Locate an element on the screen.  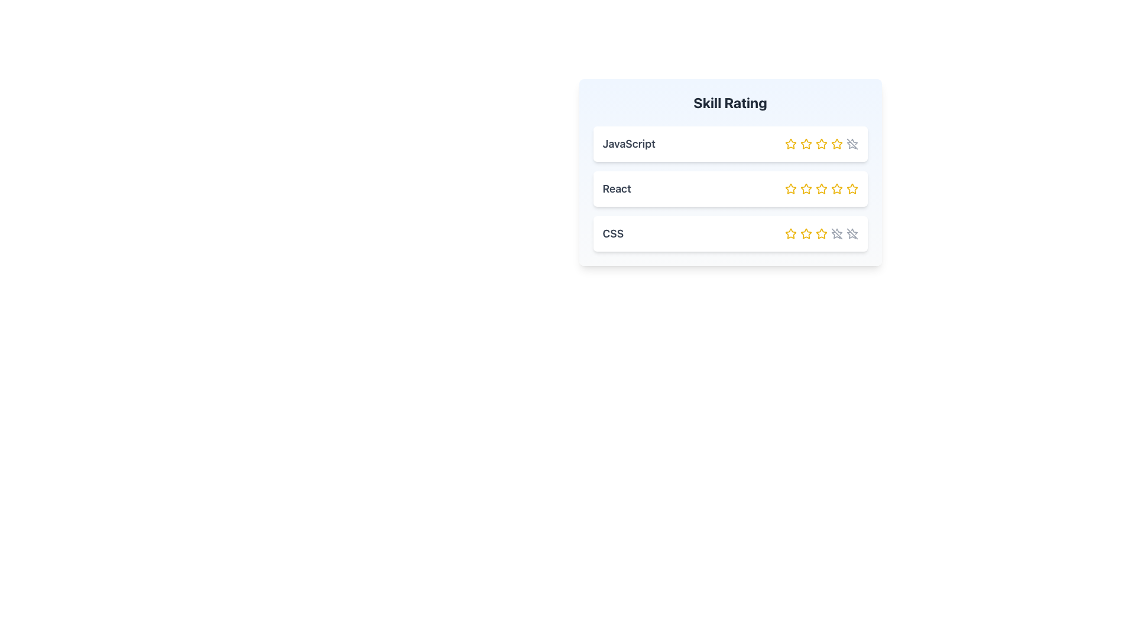
the second interactive star in the rating component for 'React' is located at coordinates (805, 188).